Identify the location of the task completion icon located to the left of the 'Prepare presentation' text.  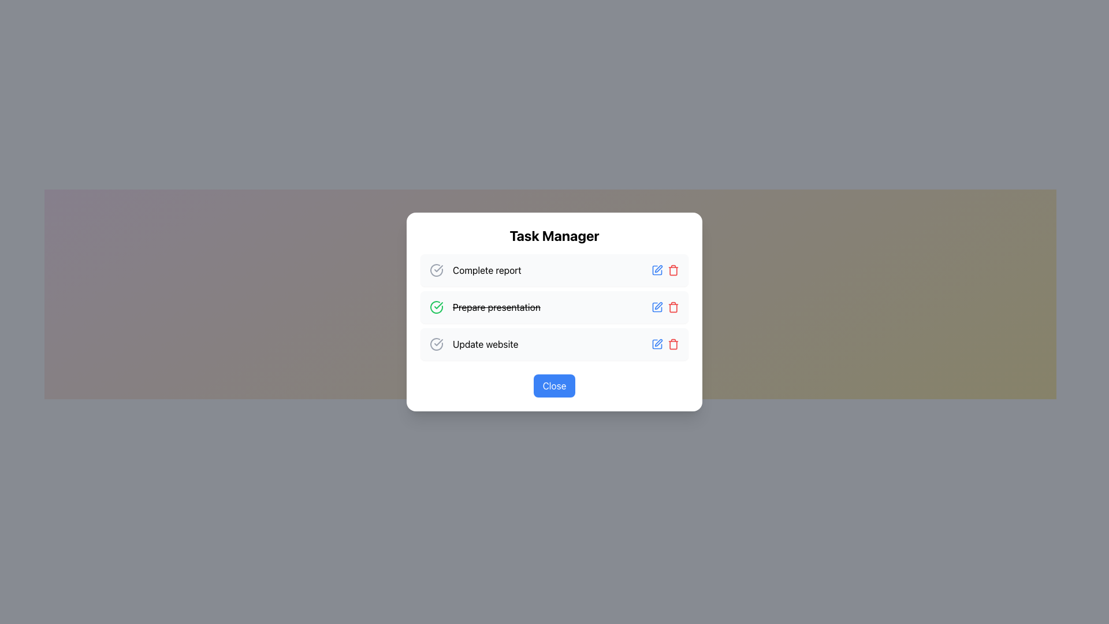
(436, 307).